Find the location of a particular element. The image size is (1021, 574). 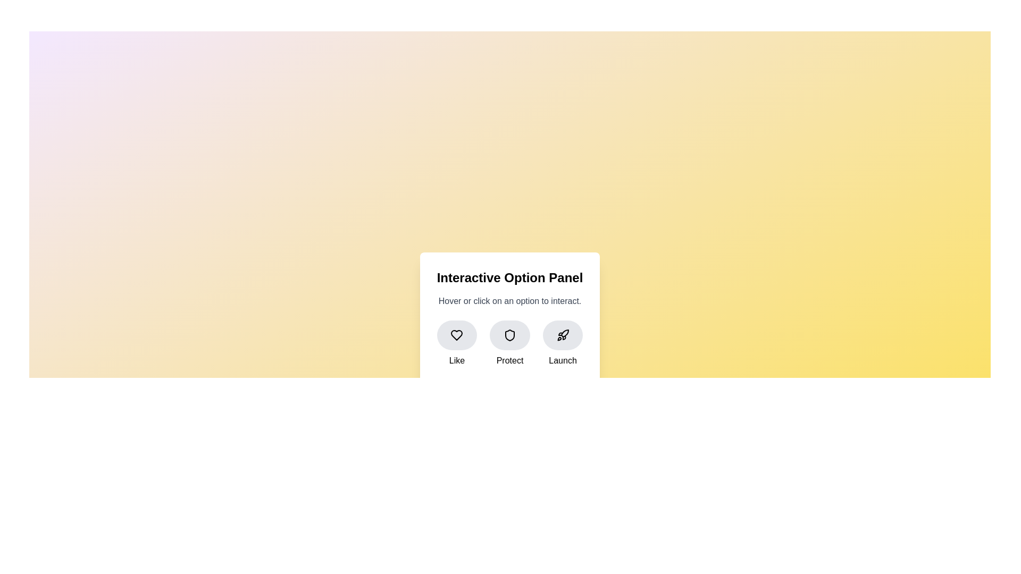

the text label indicating the 'like' action, which is located beneath the heart-shaped icon in the leftmost cluster of three interactive options in the 'Interactive Option Panel' is located at coordinates (457, 360).